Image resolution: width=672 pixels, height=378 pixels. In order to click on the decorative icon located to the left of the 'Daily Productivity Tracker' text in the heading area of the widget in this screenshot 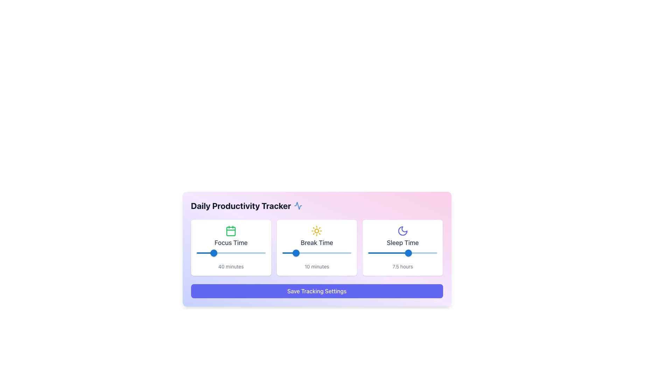, I will do `click(298, 205)`.